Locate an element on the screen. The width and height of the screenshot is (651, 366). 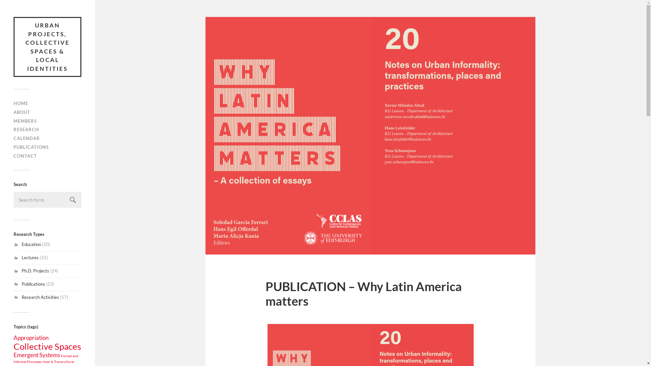
'CALENDAR' is located at coordinates (26, 138).